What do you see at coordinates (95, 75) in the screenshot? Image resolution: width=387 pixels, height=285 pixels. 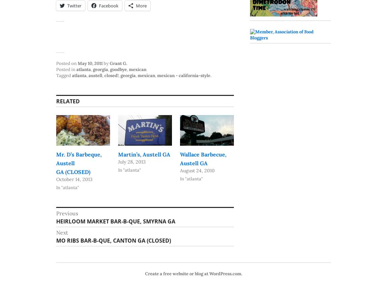 I see `'austell'` at bounding box center [95, 75].